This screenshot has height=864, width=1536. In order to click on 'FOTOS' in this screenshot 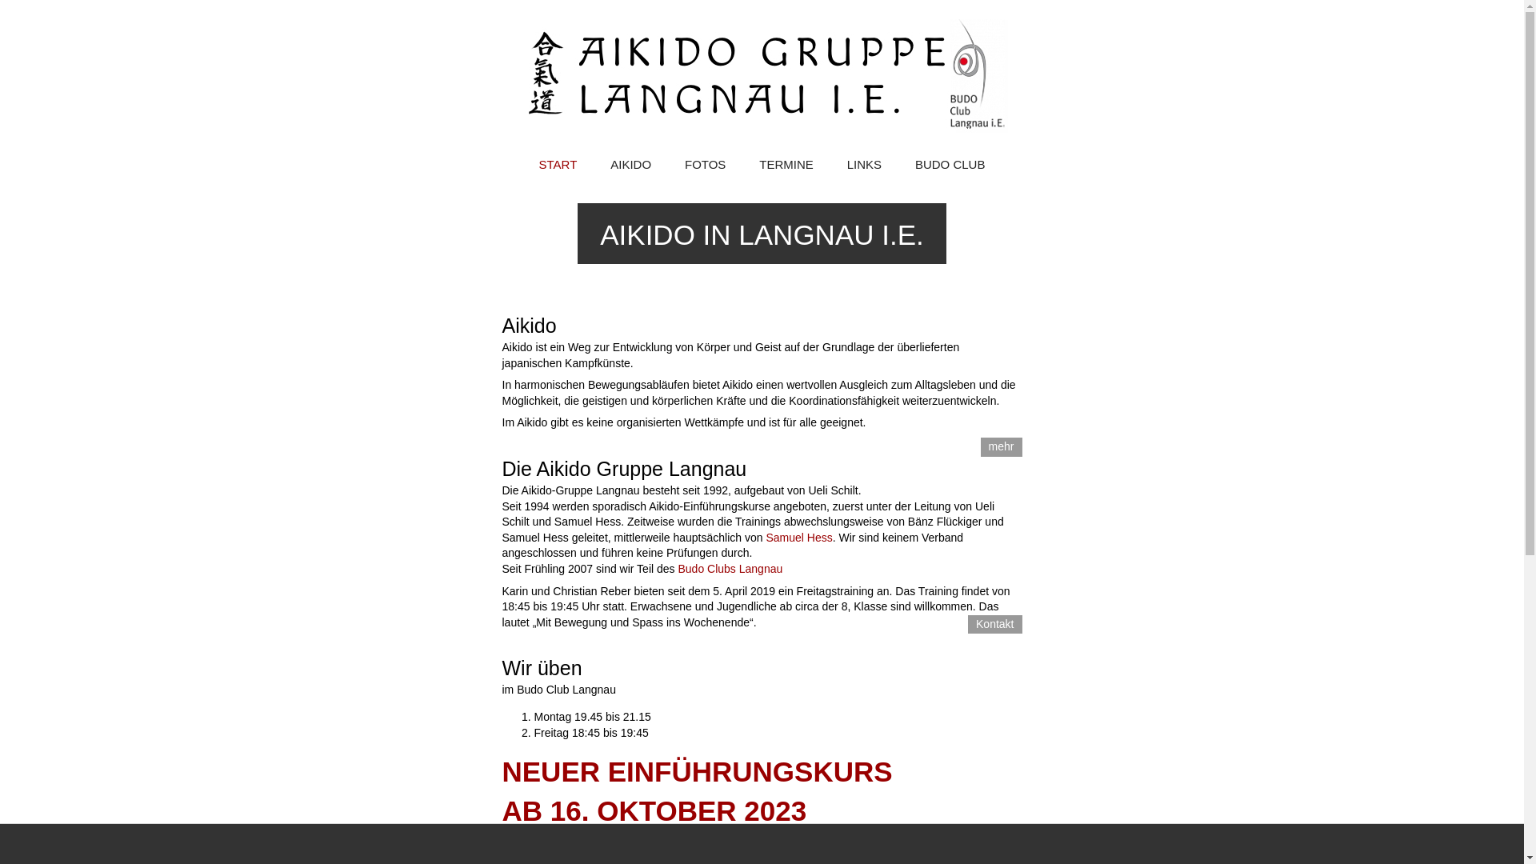, I will do `click(704, 166)`.